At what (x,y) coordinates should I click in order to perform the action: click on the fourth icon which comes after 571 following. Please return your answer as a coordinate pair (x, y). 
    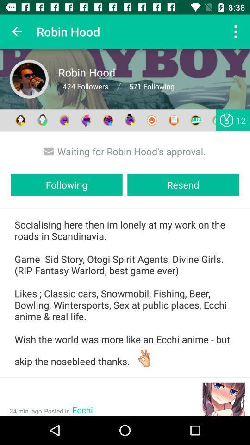
    Looking at the image, I should click on (86, 120).